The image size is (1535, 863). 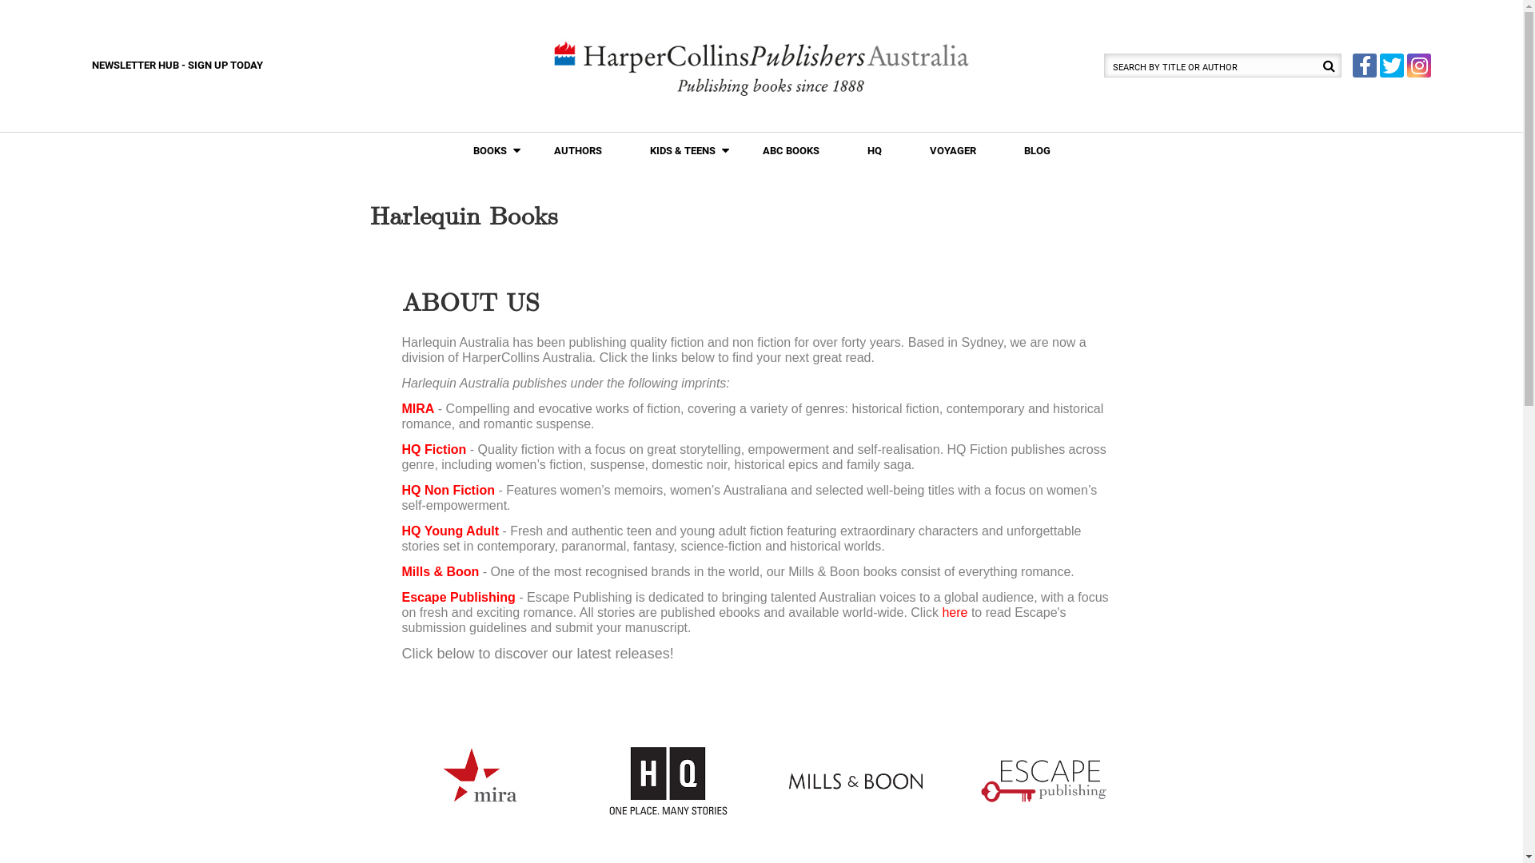 What do you see at coordinates (478, 780) in the screenshot?
I see `'mira'` at bounding box center [478, 780].